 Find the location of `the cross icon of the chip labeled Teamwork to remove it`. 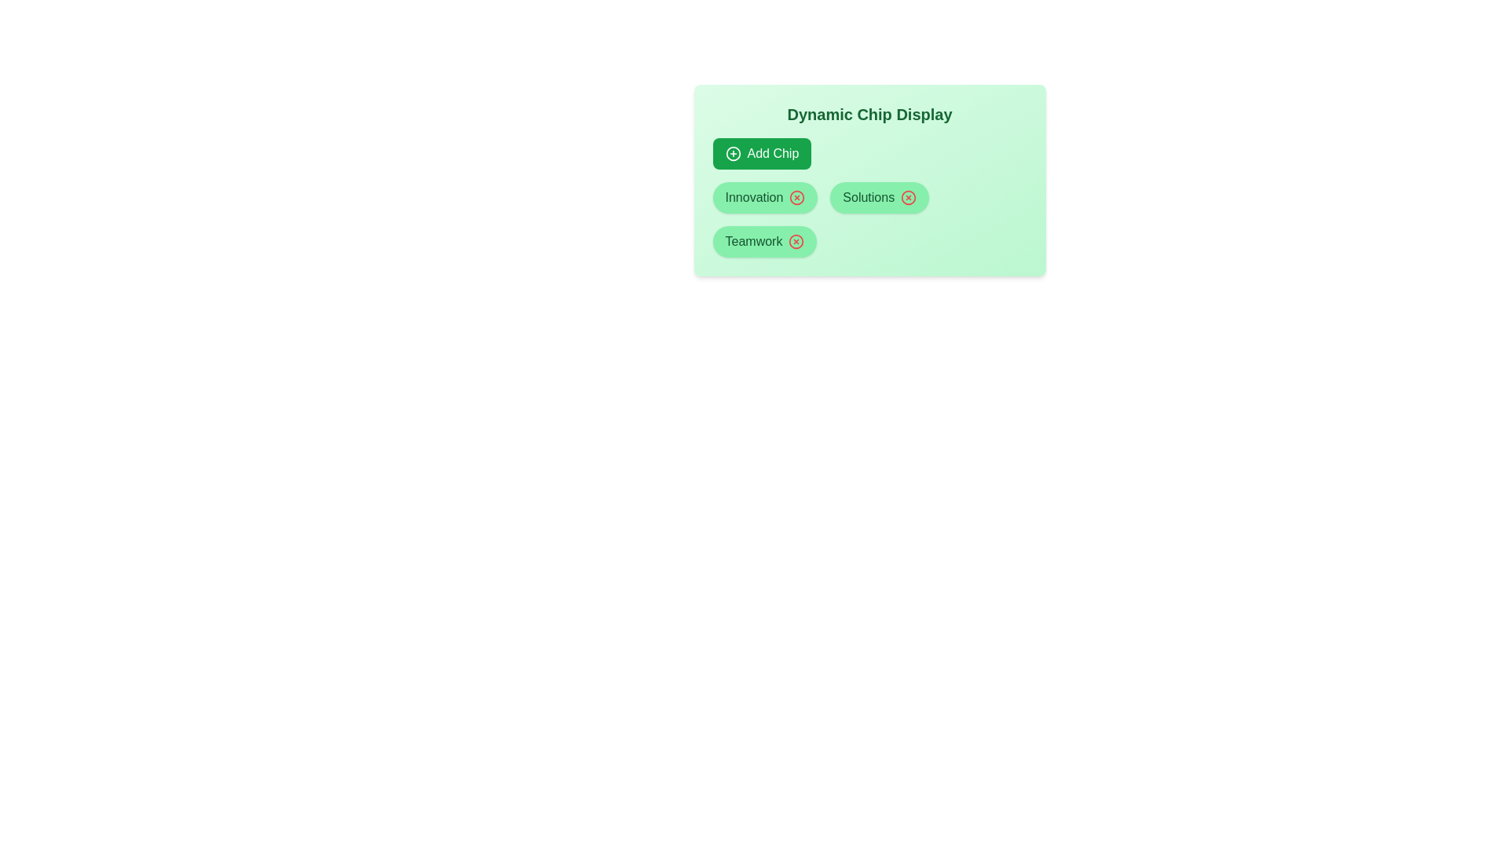

the cross icon of the chip labeled Teamwork to remove it is located at coordinates (796, 242).